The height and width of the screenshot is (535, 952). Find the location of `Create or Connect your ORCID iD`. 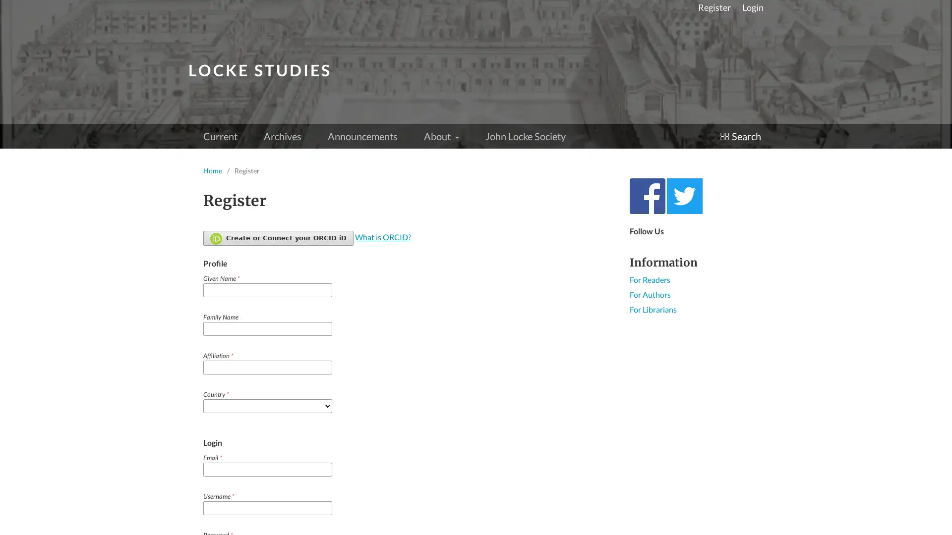

Create or Connect your ORCID iD is located at coordinates (278, 238).